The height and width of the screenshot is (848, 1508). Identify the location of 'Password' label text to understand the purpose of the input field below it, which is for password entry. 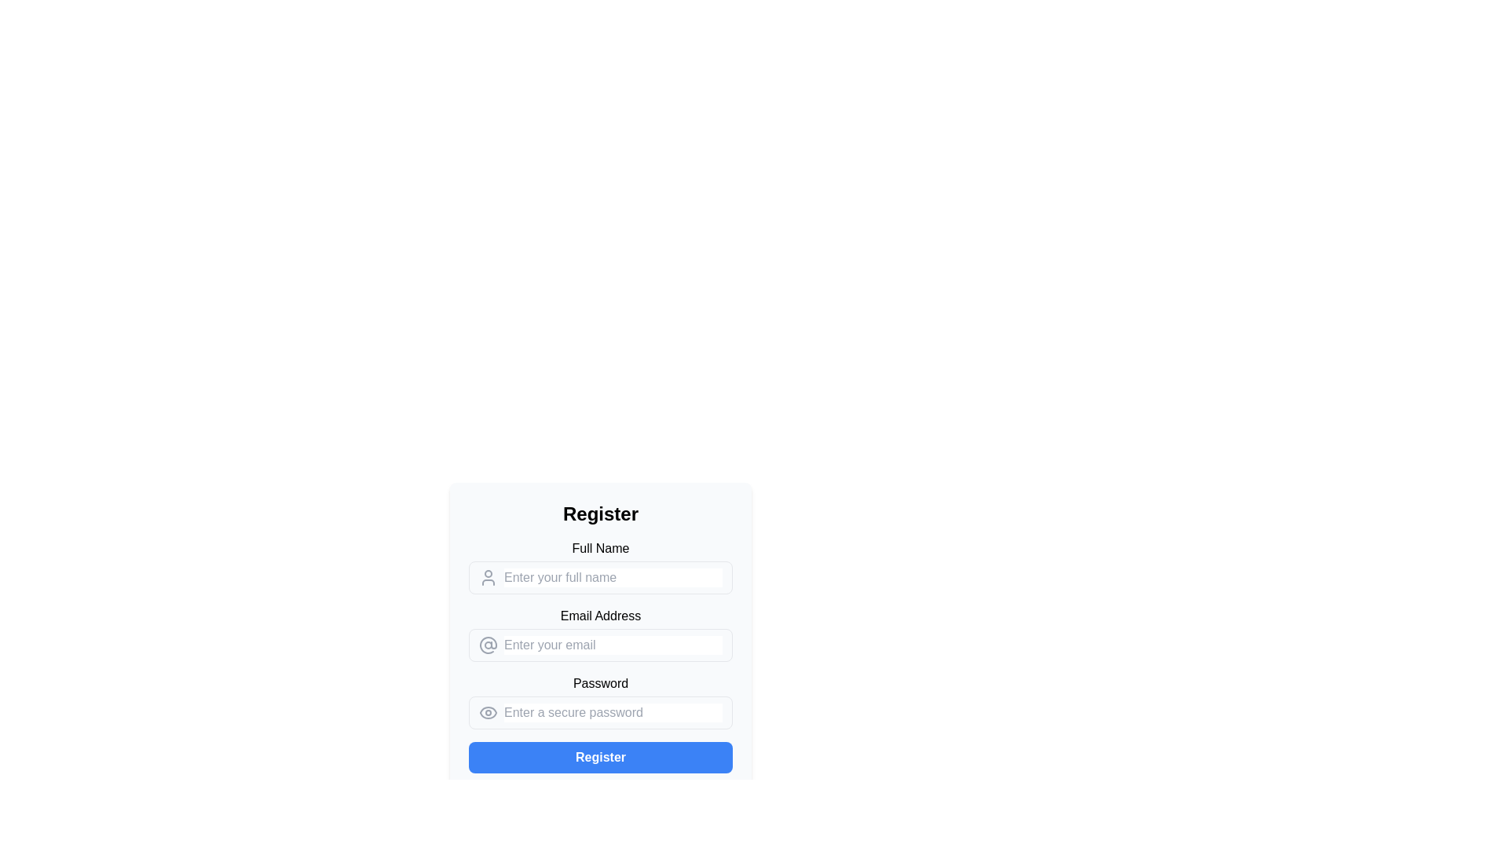
(599, 683).